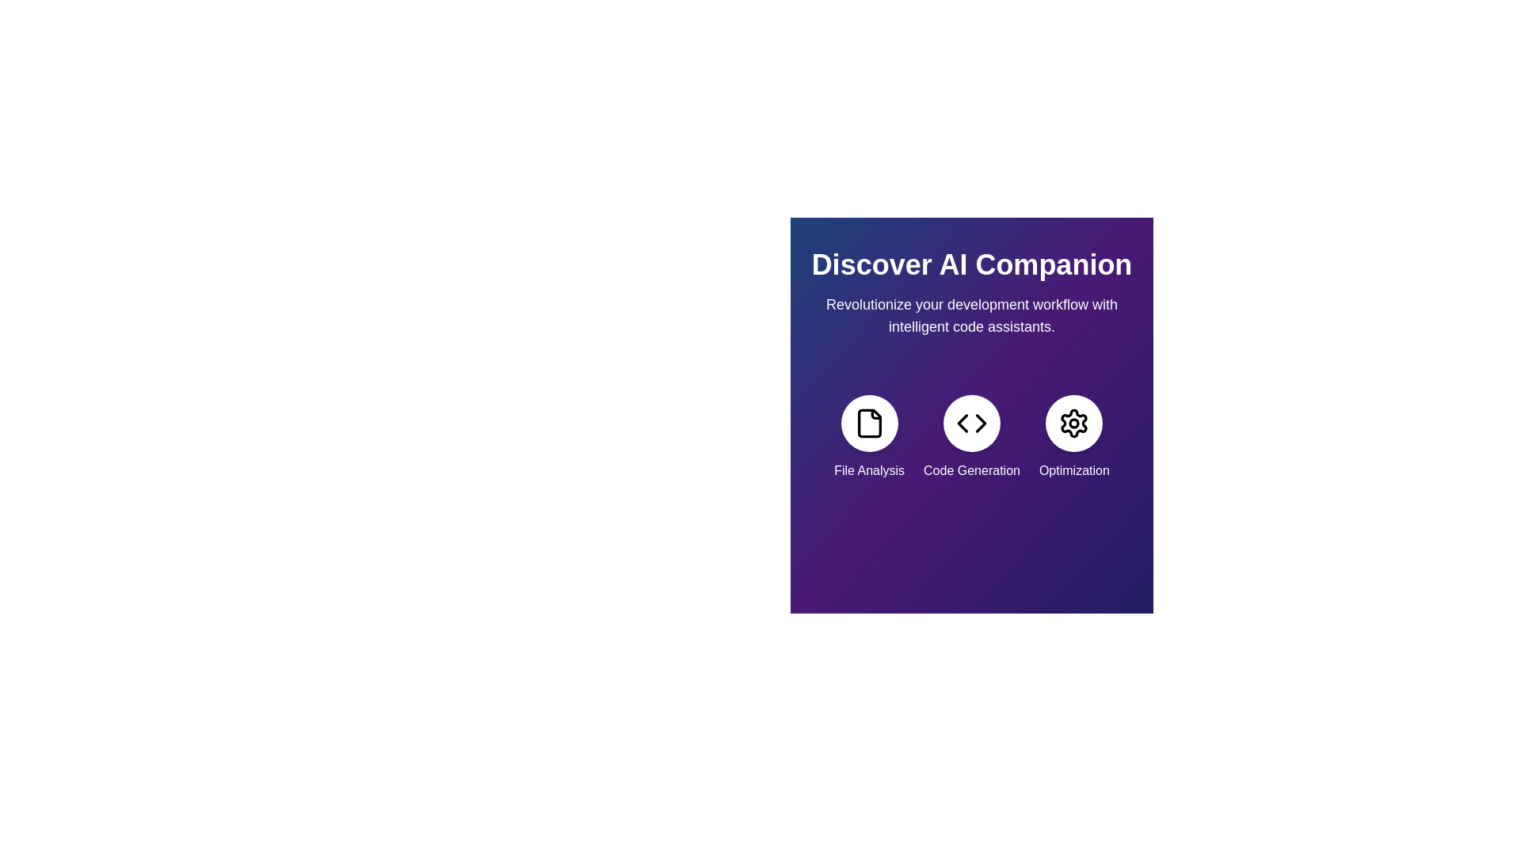 The height and width of the screenshot is (855, 1521). Describe the element at coordinates (971, 293) in the screenshot. I see `the Text block titled 'Discover AI Companion' which has a paragraph describing its features` at that location.